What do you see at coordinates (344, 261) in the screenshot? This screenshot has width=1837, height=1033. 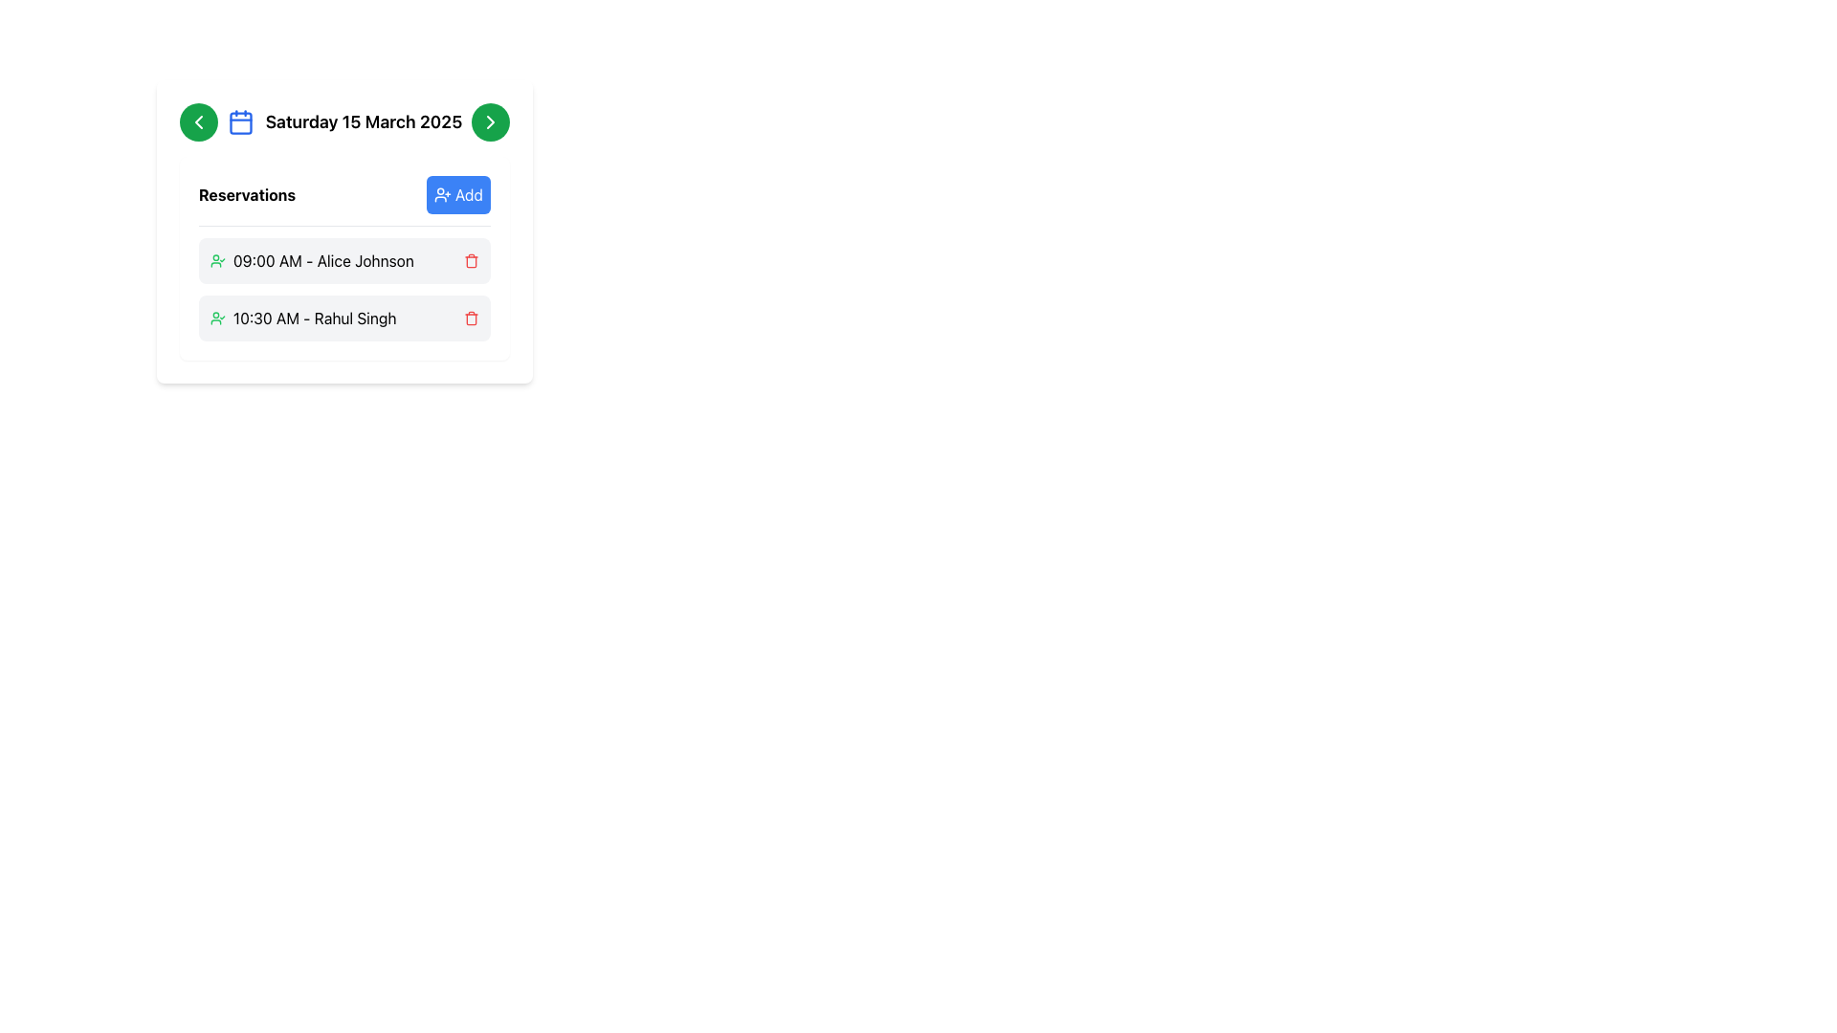 I see `the first List Item` at bounding box center [344, 261].